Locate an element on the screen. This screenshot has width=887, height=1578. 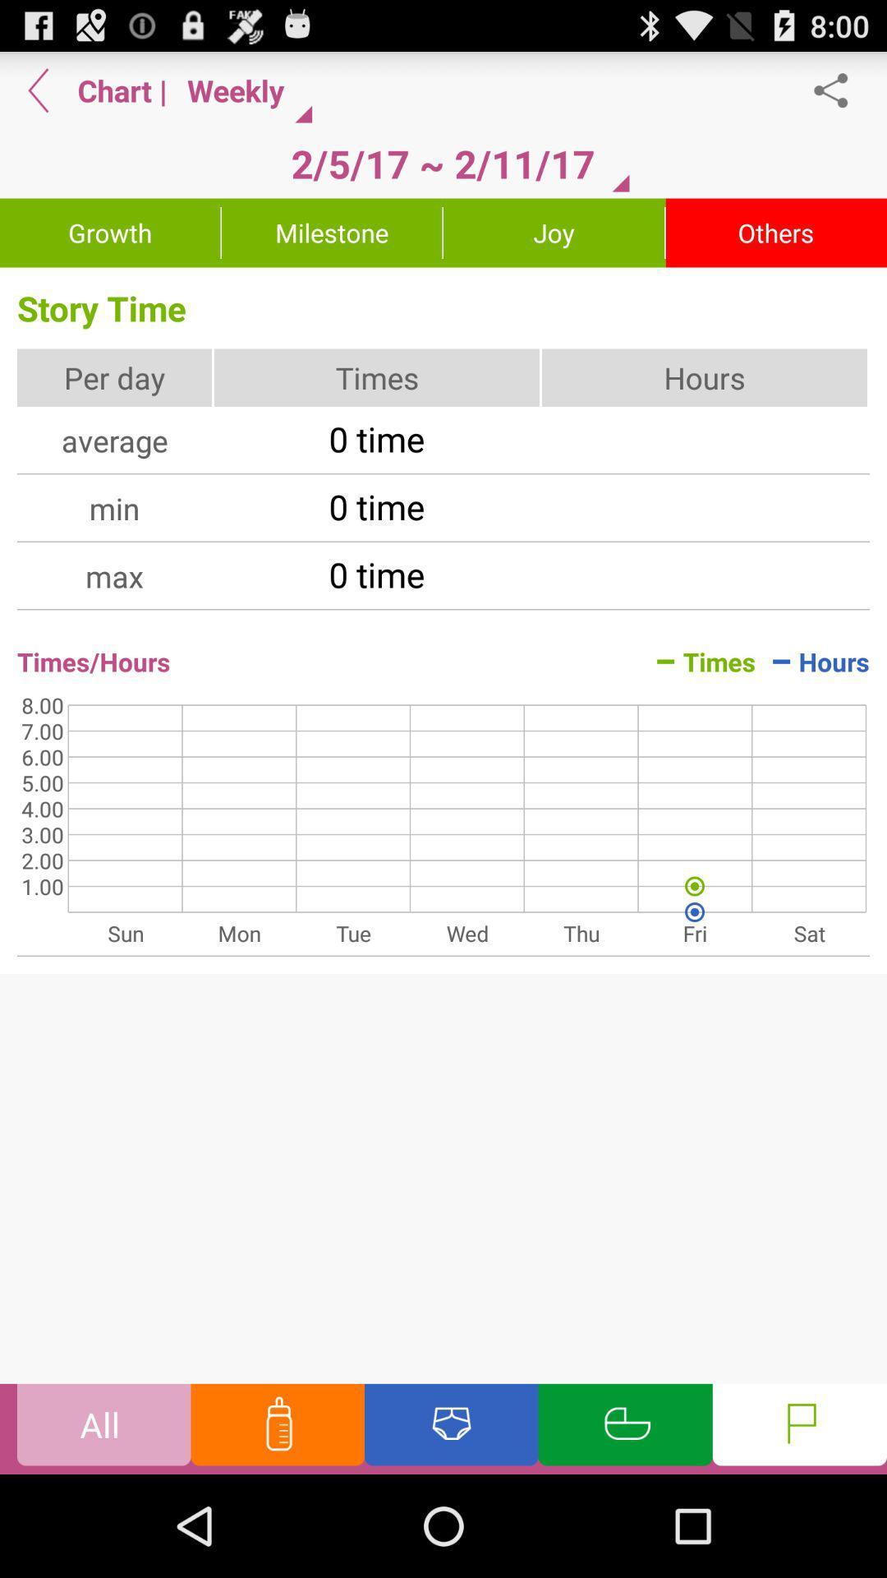
milestone is located at coordinates (332, 232).